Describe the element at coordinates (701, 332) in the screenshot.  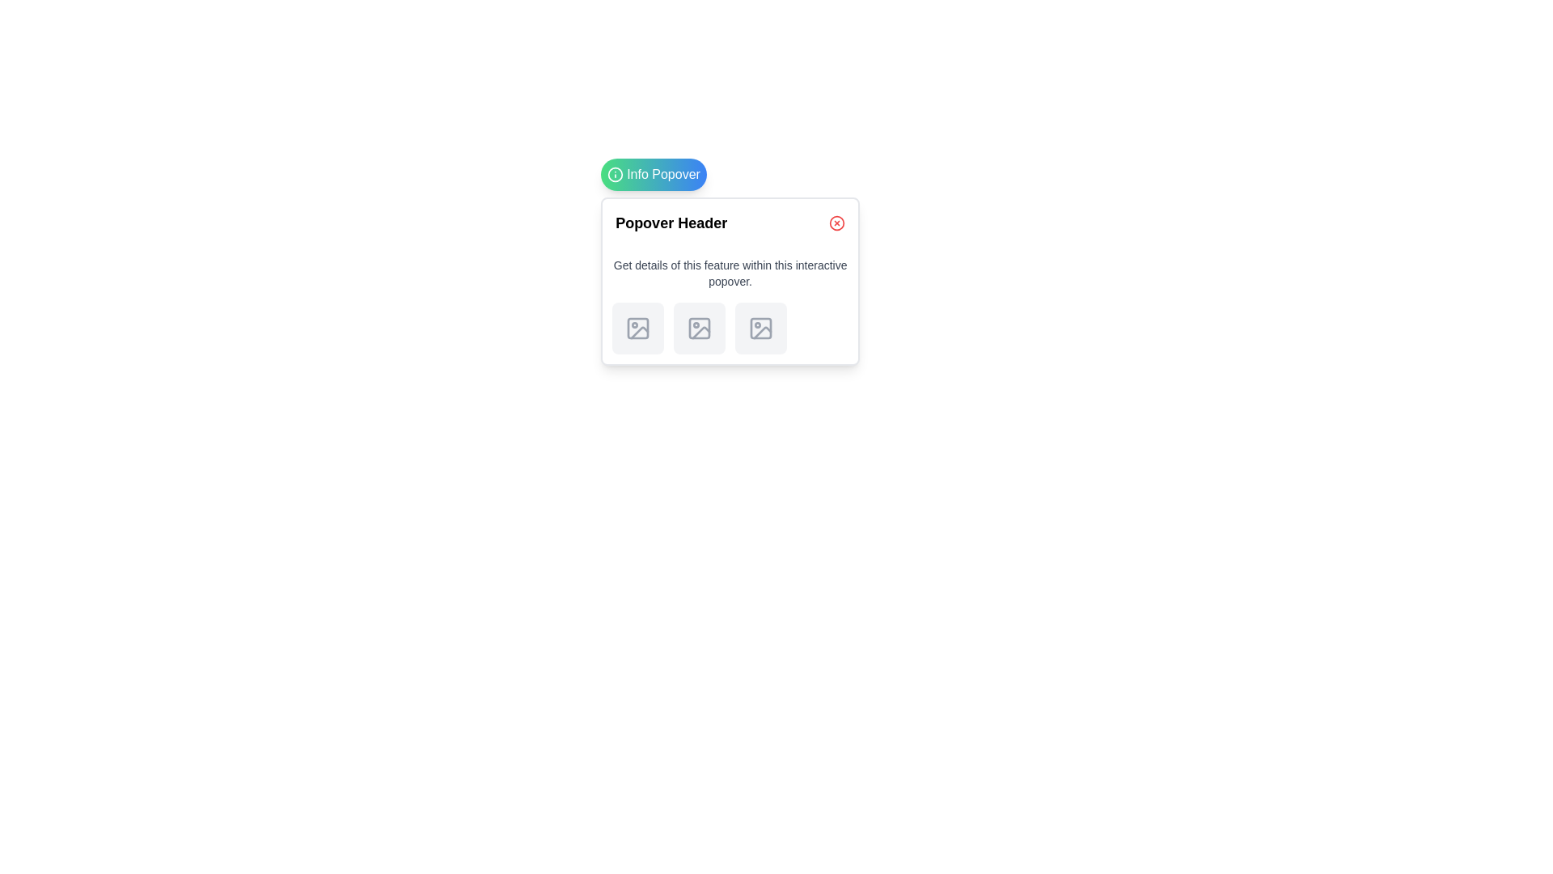
I see `the stylized line icon representing an image, located in the second position of three icons below the 'Popover Header'` at that location.